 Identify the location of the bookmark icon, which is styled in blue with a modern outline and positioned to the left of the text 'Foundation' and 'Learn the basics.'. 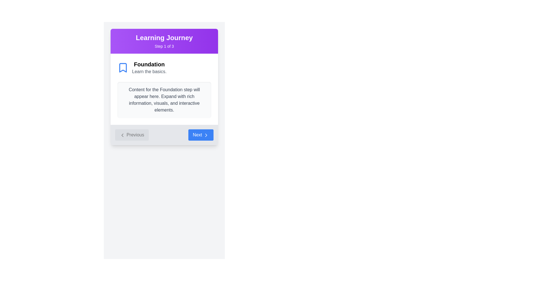
(123, 67).